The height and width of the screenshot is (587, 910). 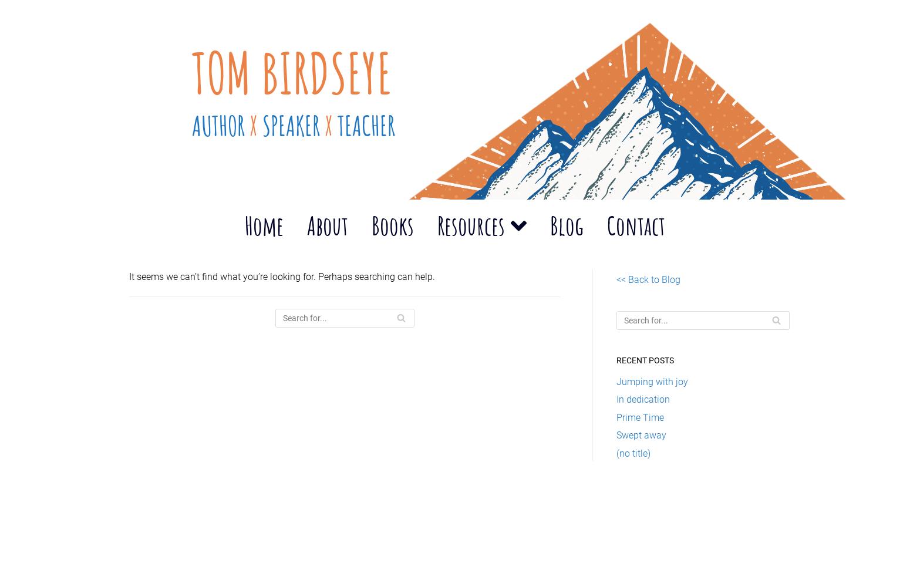 What do you see at coordinates (306, 225) in the screenshot?
I see `'About'` at bounding box center [306, 225].